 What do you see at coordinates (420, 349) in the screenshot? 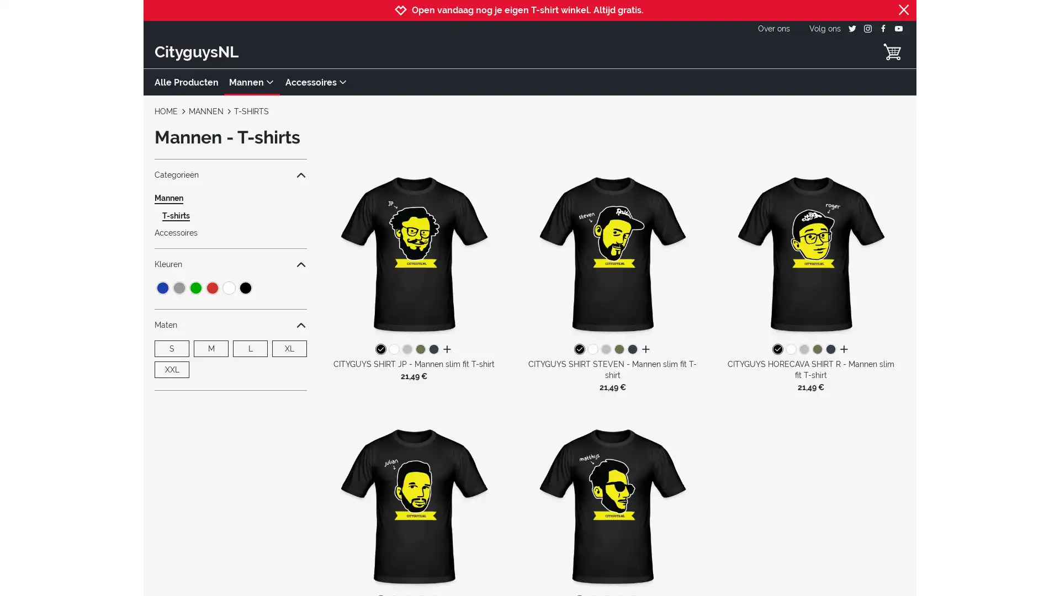
I see `kakigroen` at bounding box center [420, 349].